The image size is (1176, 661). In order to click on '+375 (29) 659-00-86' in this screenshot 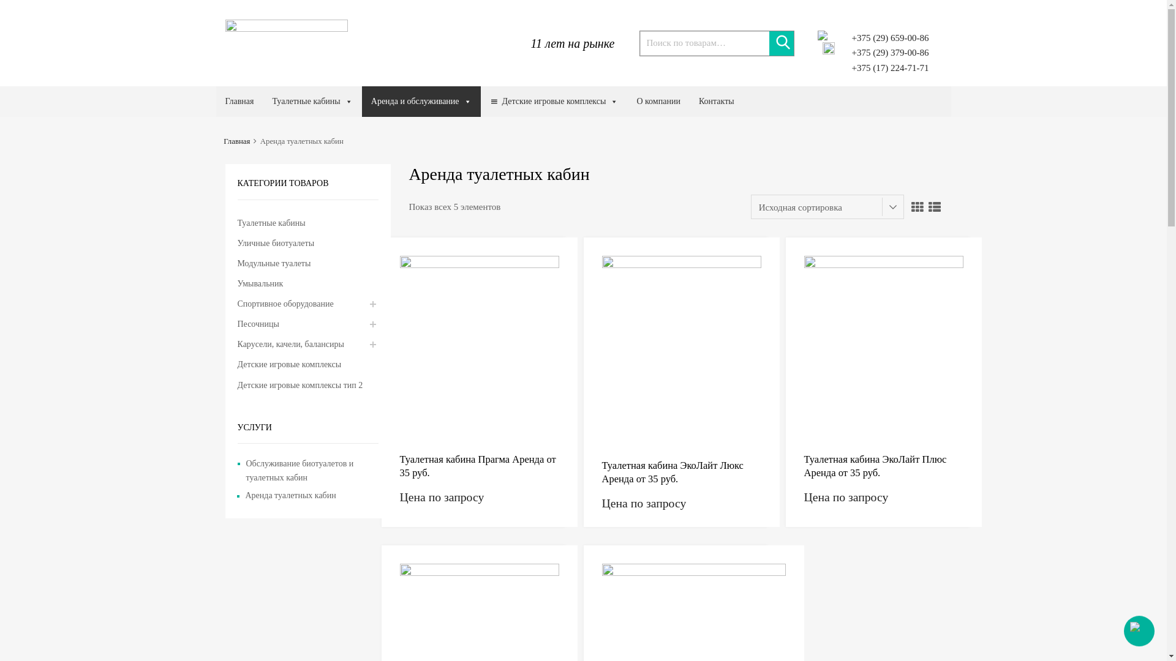, I will do `click(884, 37)`.